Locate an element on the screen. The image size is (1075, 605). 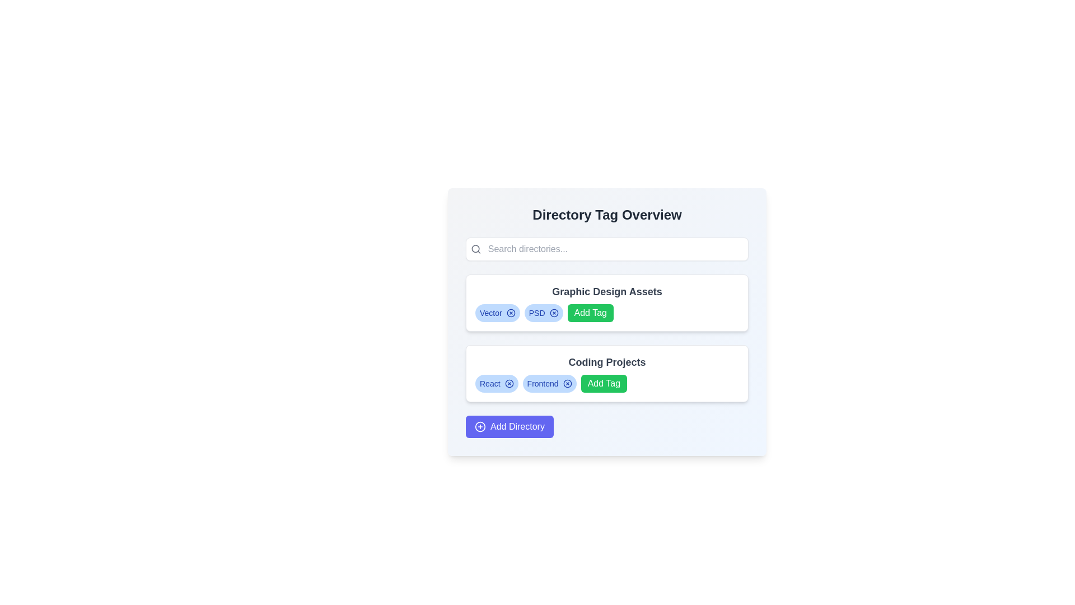
the Interactive icon (close button) located to the right of the 'Frontend' label in the 'Coding Projects' section to potentially display a tooltip or visual feedback is located at coordinates (567, 383).